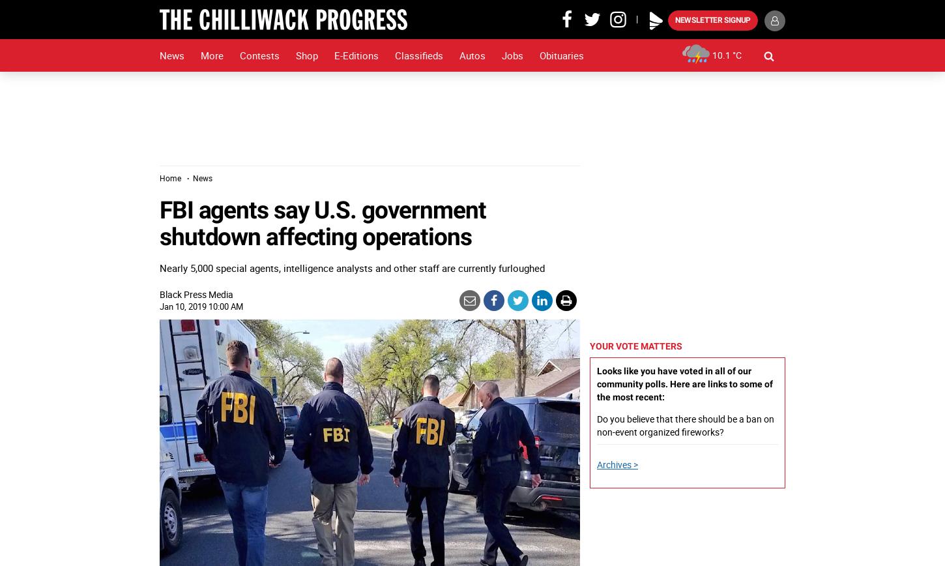  What do you see at coordinates (685, 425) in the screenshot?
I see `'Do you believe that there should be a ban on non-event organized fireworks?'` at bounding box center [685, 425].